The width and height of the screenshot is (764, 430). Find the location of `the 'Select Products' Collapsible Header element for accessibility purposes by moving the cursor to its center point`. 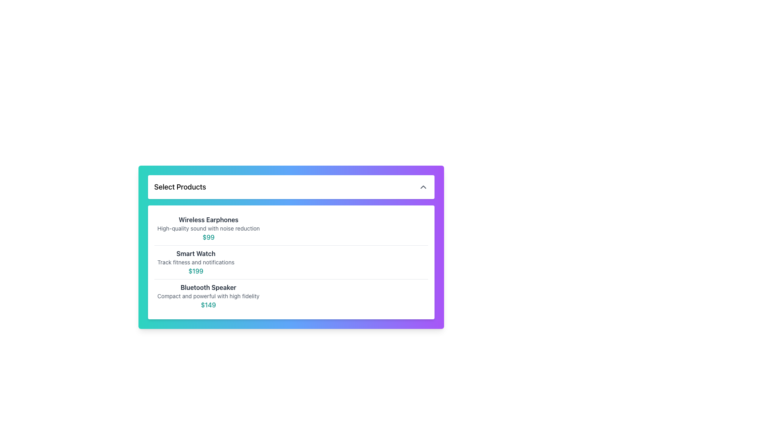

the 'Select Products' Collapsible Header element for accessibility purposes by moving the cursor to its center point is located at coordinates (290, 187).